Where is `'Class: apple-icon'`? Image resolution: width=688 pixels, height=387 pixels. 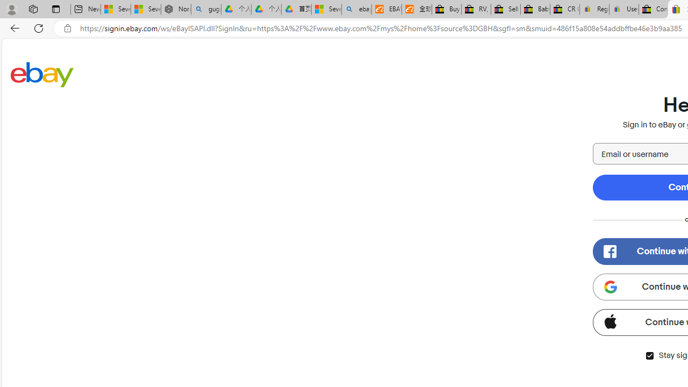 'Class: apple-icon' is located at coordinates (610, 320).